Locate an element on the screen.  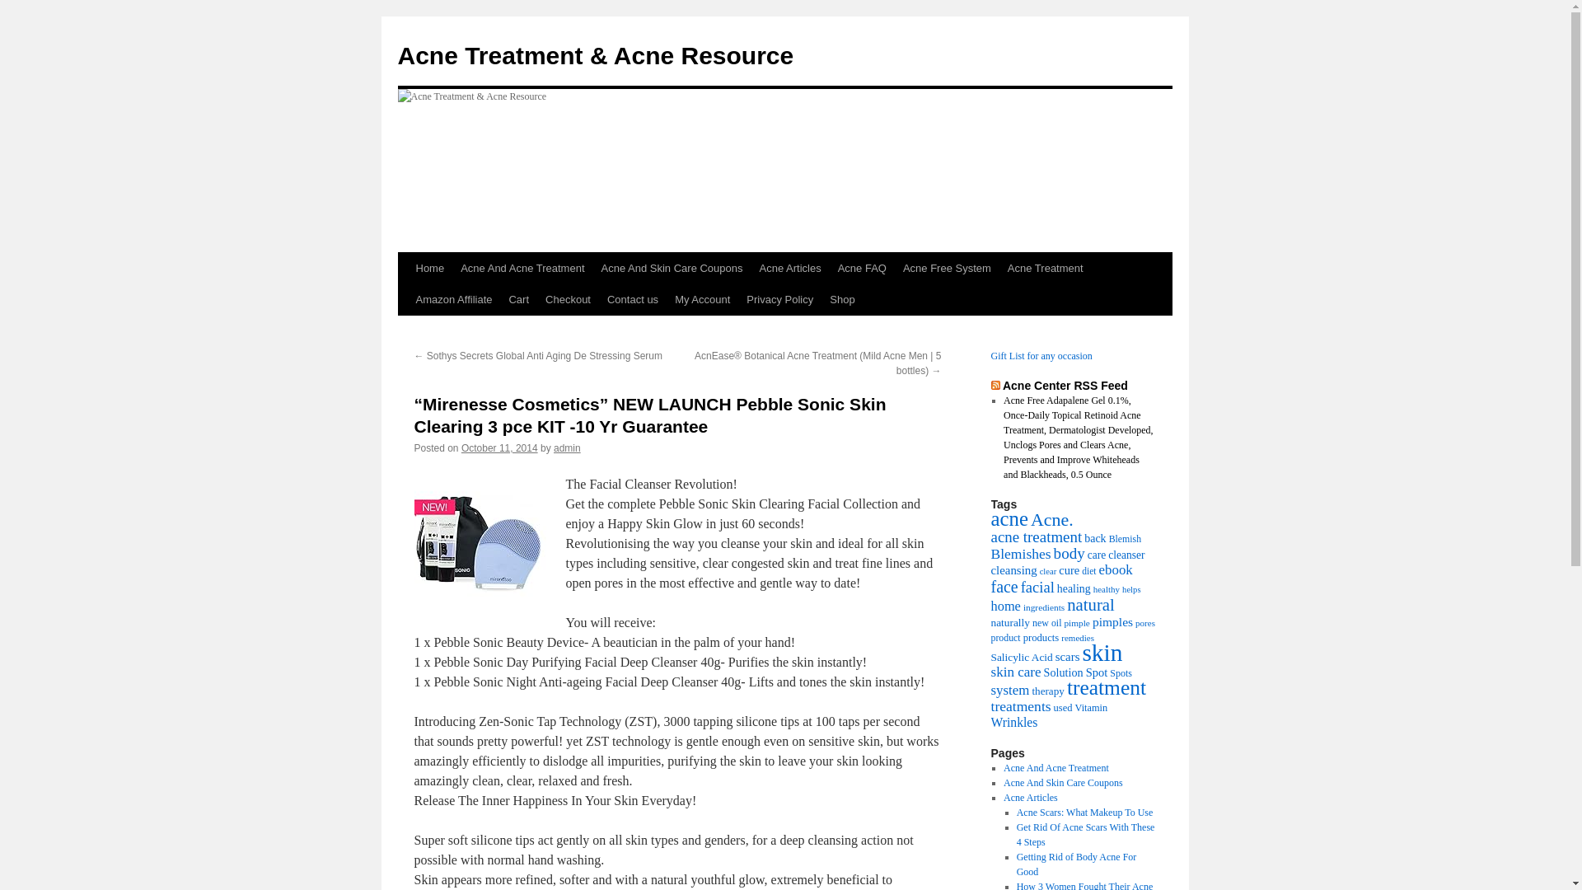
'Blemishes' is located at coordinates (1019, 553).